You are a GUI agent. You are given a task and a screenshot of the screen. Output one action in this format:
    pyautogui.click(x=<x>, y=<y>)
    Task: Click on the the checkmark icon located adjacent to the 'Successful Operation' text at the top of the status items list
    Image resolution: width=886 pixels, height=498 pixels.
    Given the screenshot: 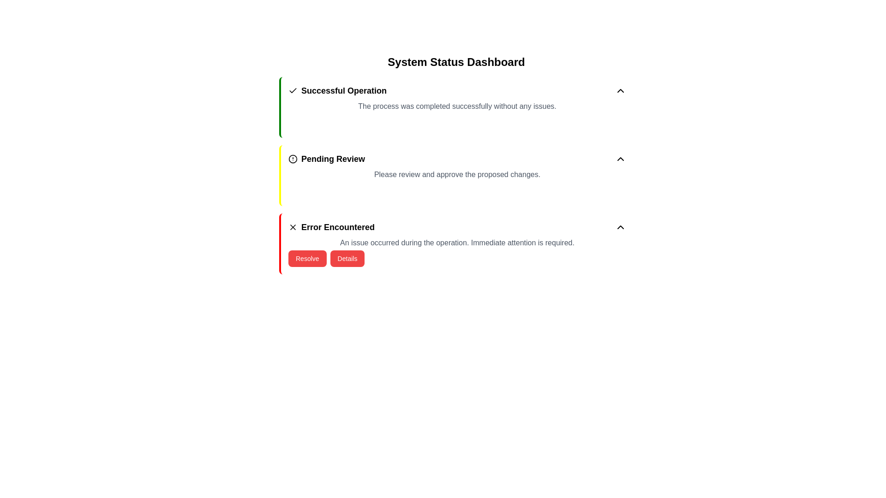 What is the action you would take?
    pyautogui.click(x=292, y=90)
    